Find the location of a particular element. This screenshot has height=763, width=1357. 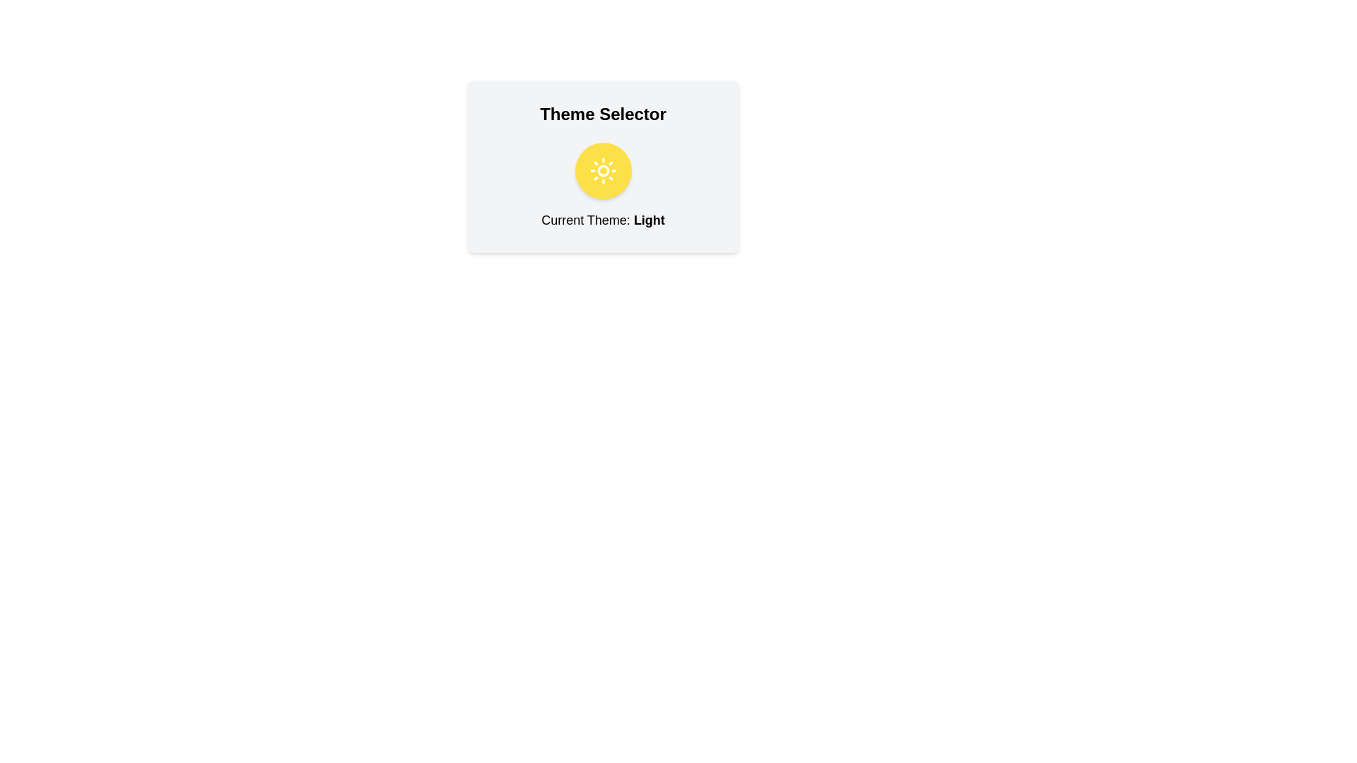

center of the toggle button to change the theme is located at coordinates (603, 170).